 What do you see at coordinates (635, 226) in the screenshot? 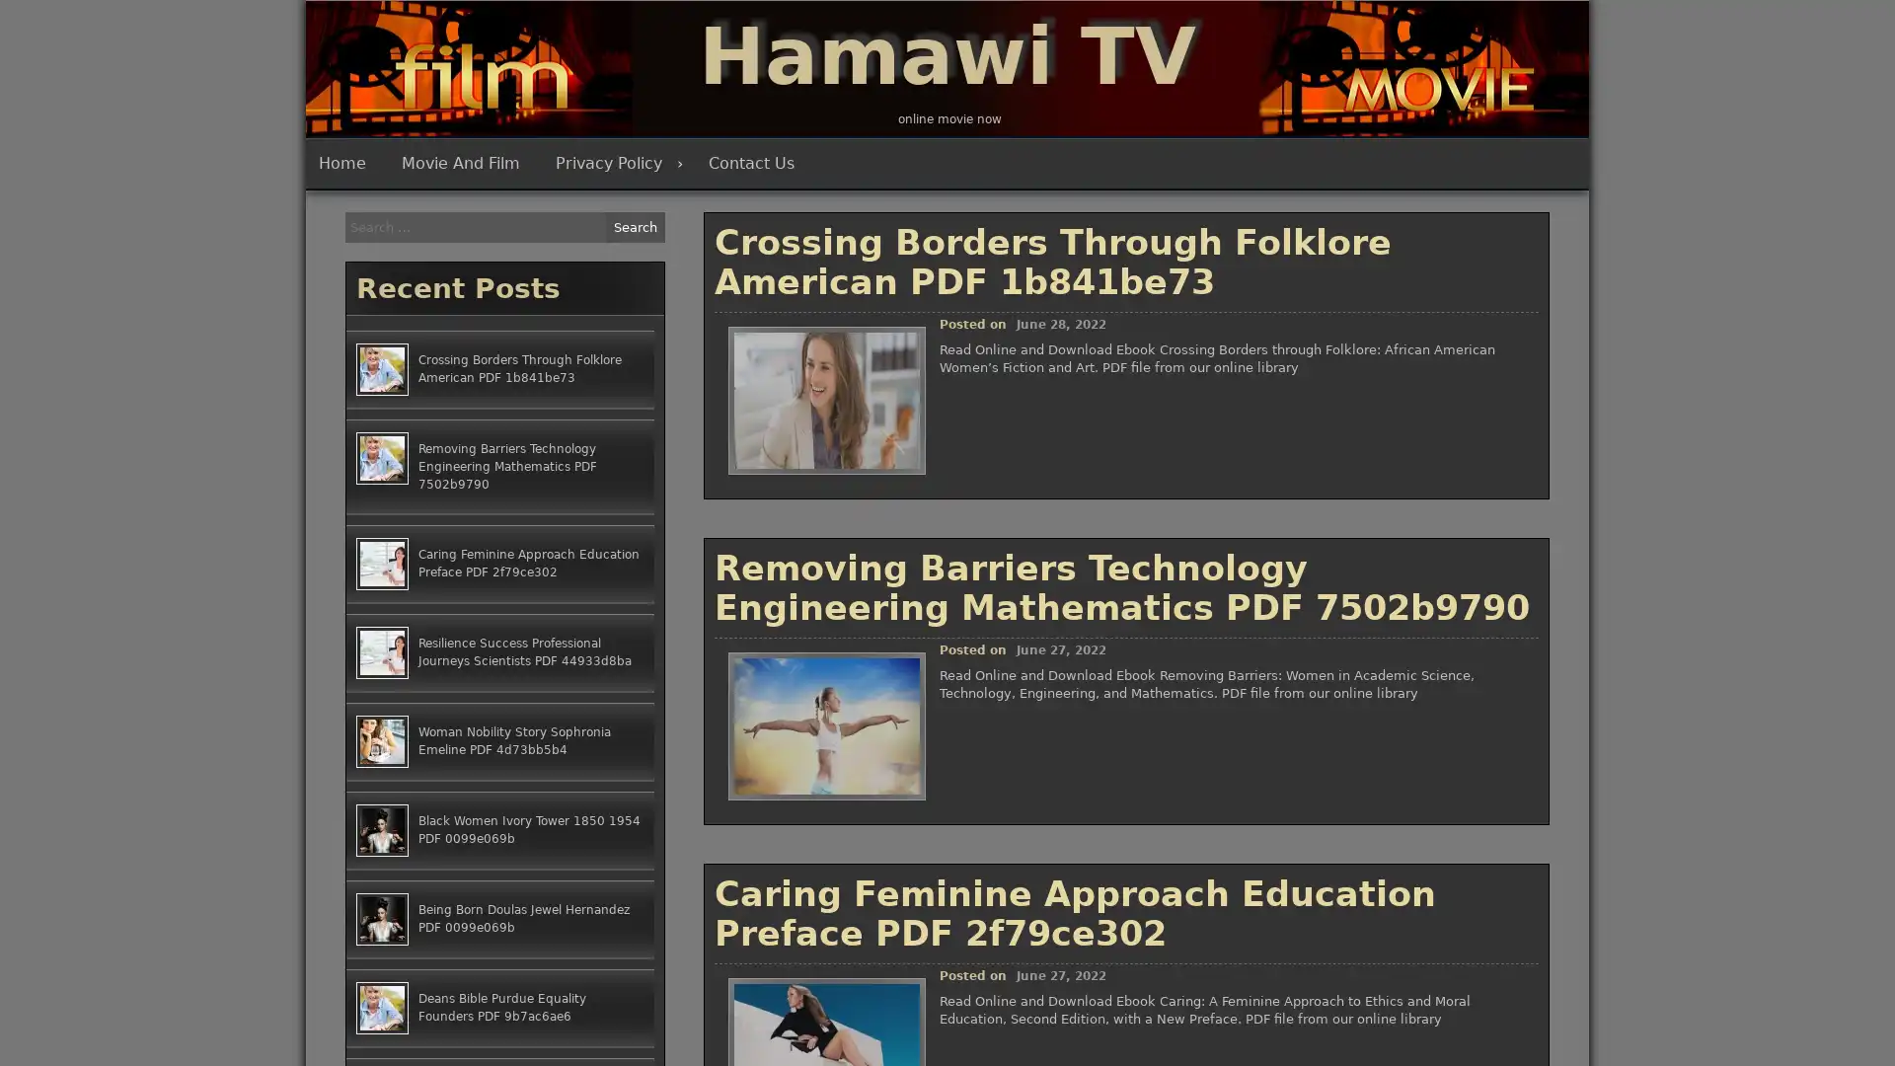
I see `Search` at bounding box center [635, 226].